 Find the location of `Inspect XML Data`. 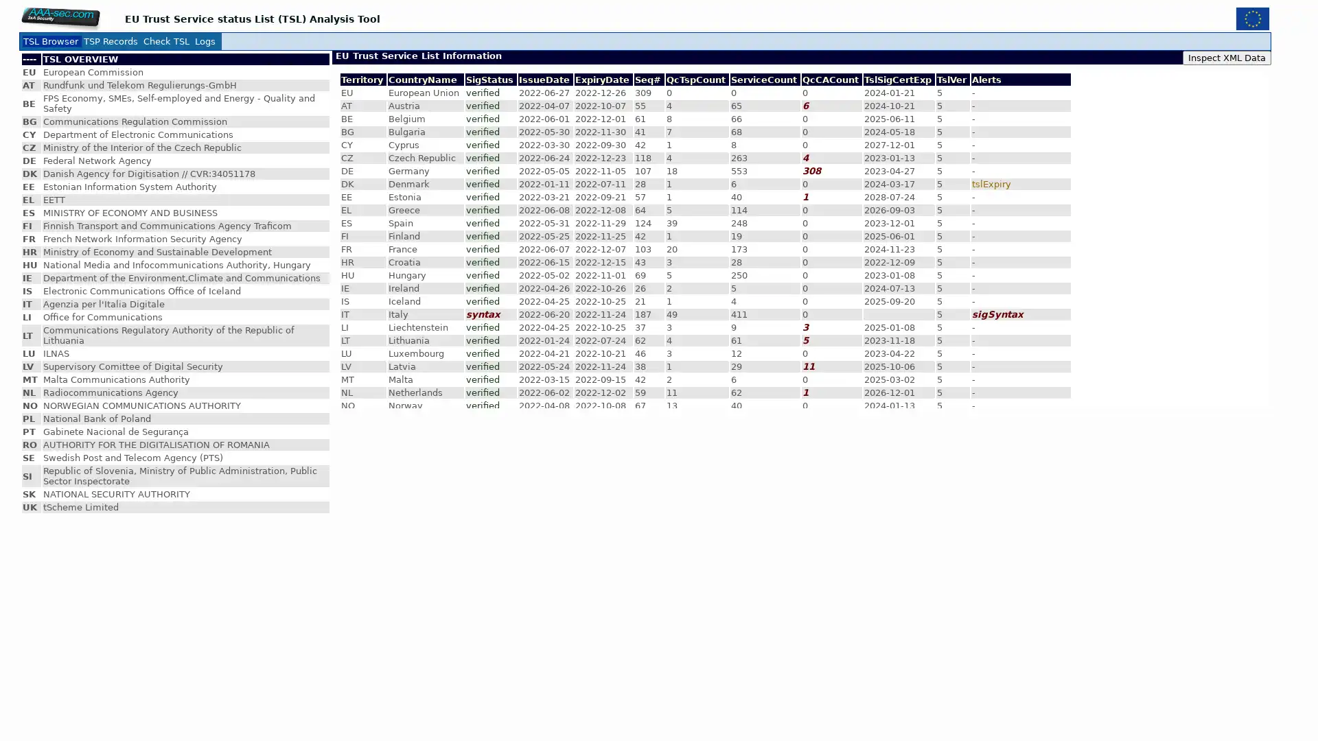

Inspect XML Data is located at coordinates (1227, 57).